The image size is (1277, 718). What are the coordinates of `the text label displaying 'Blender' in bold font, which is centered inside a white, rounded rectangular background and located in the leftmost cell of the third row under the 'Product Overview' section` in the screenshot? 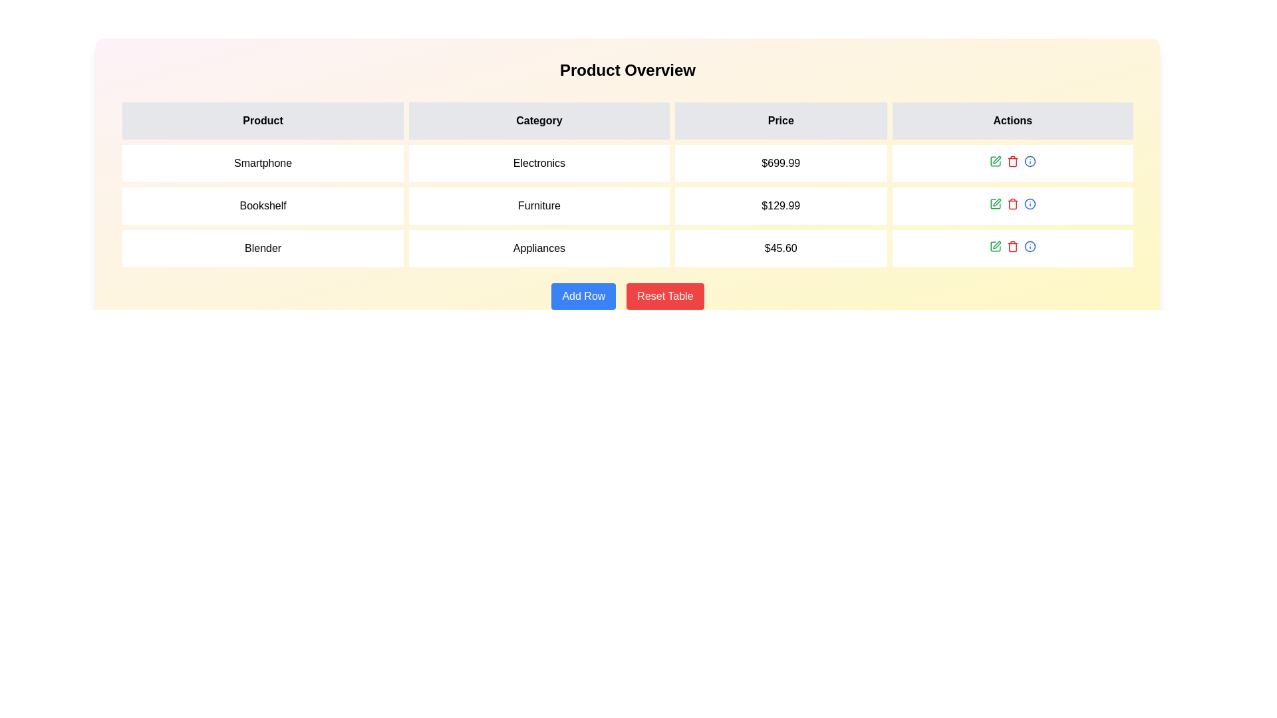 It's located at (263, 249).